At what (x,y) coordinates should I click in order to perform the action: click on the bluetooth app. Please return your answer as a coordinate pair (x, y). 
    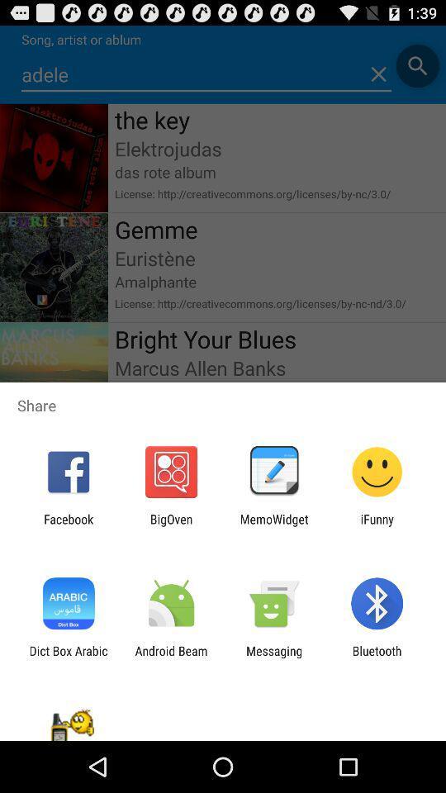
    Looking at the image, I should click on (377, 658).